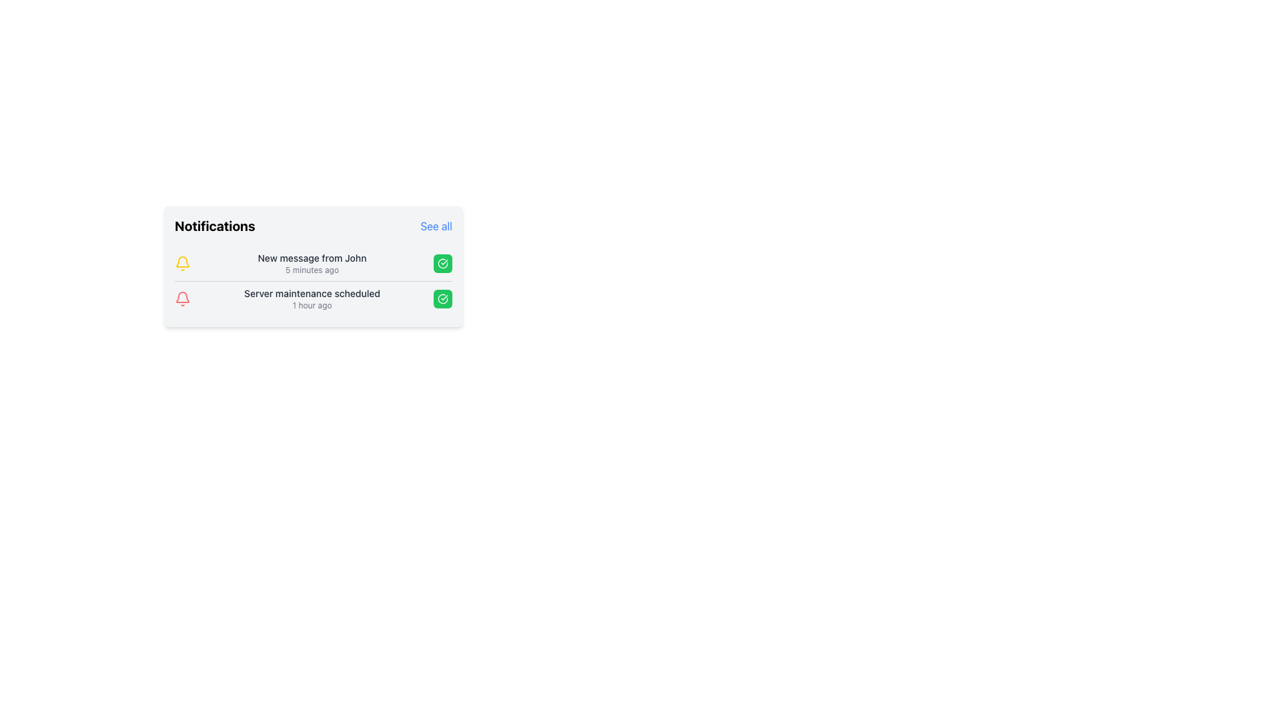  What do you see at coordinates (311, 270) in the screenshot?
I see `the elapsed time text label located beneath 'New message from John' in the notification card` at bounding box center [311, 270].